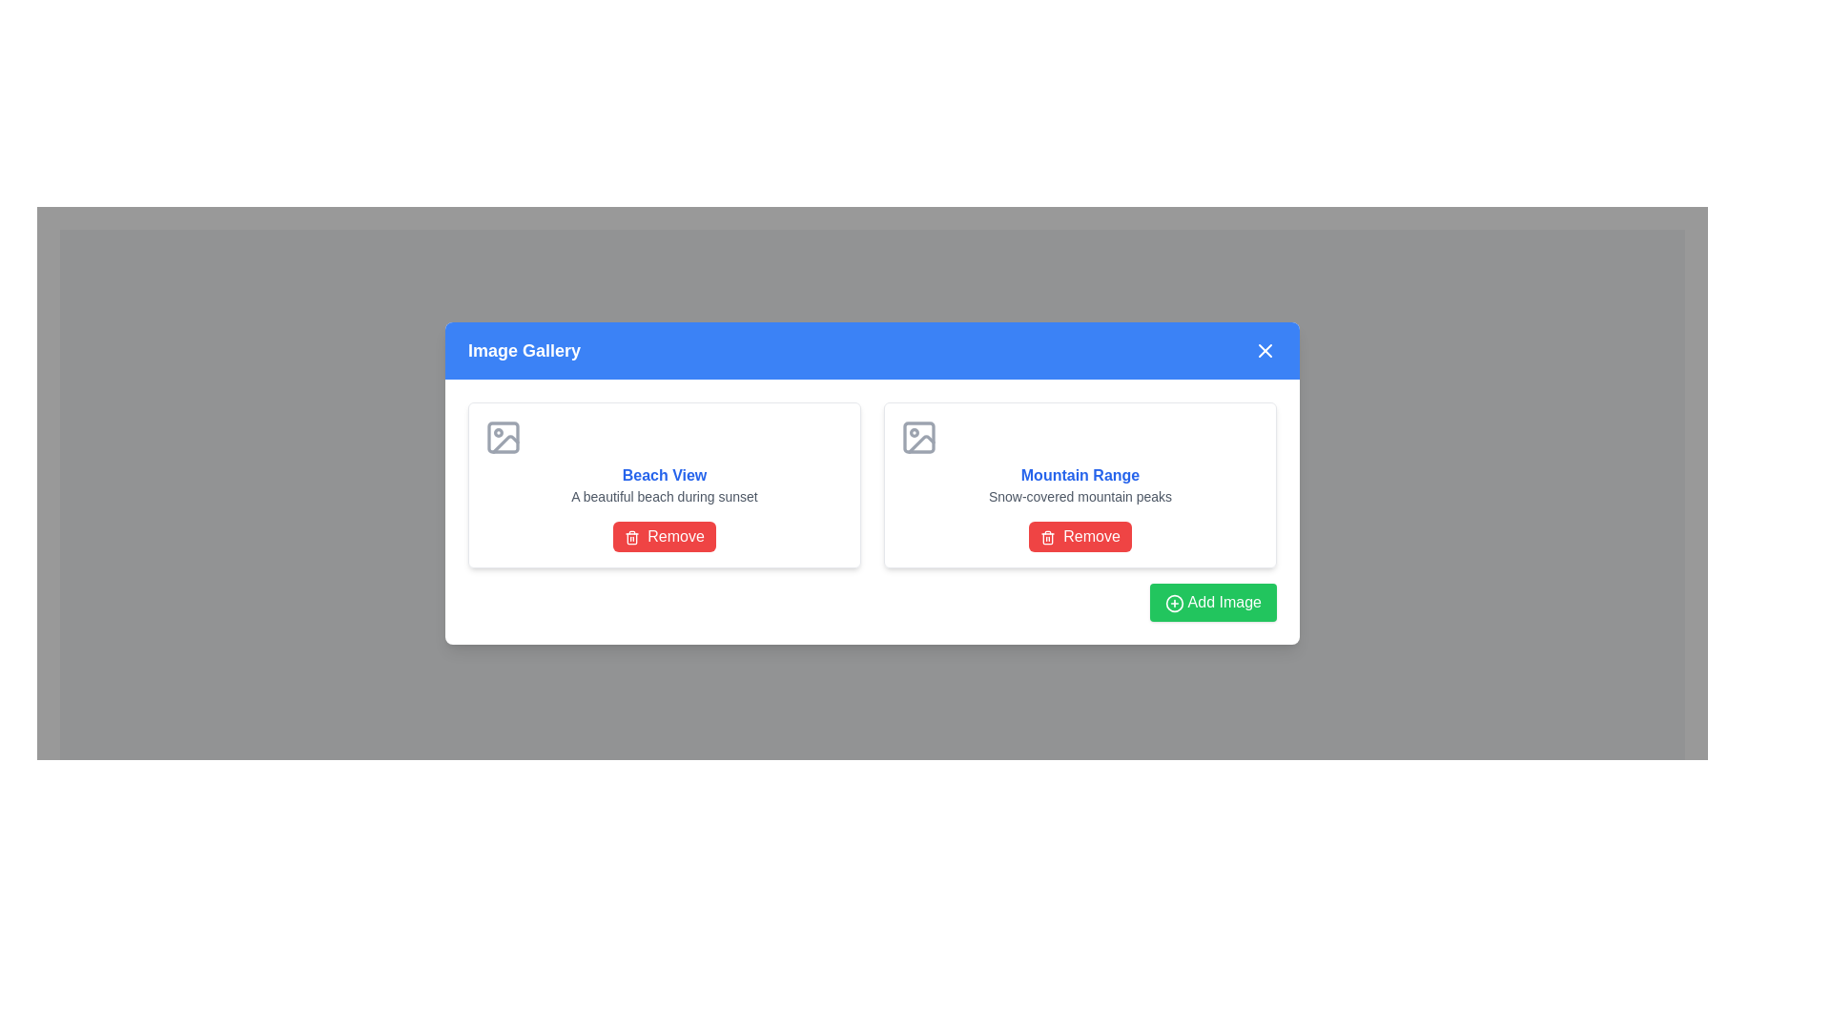 This screenshot has height=1030, width=1831. What do you see at coordinates (632, 537) in the screenshot?
I see `the red trash bin icon located to the left of the 'Remove' button's text, which indicates a deletion function` at bounding box center [632, 537].